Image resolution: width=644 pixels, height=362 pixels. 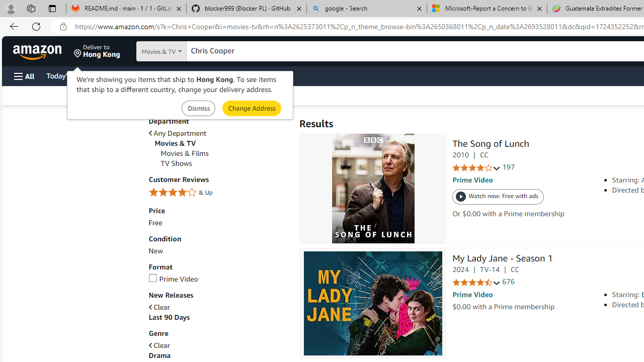 I want to click on 'Change Address', so click(x=251, y=108).